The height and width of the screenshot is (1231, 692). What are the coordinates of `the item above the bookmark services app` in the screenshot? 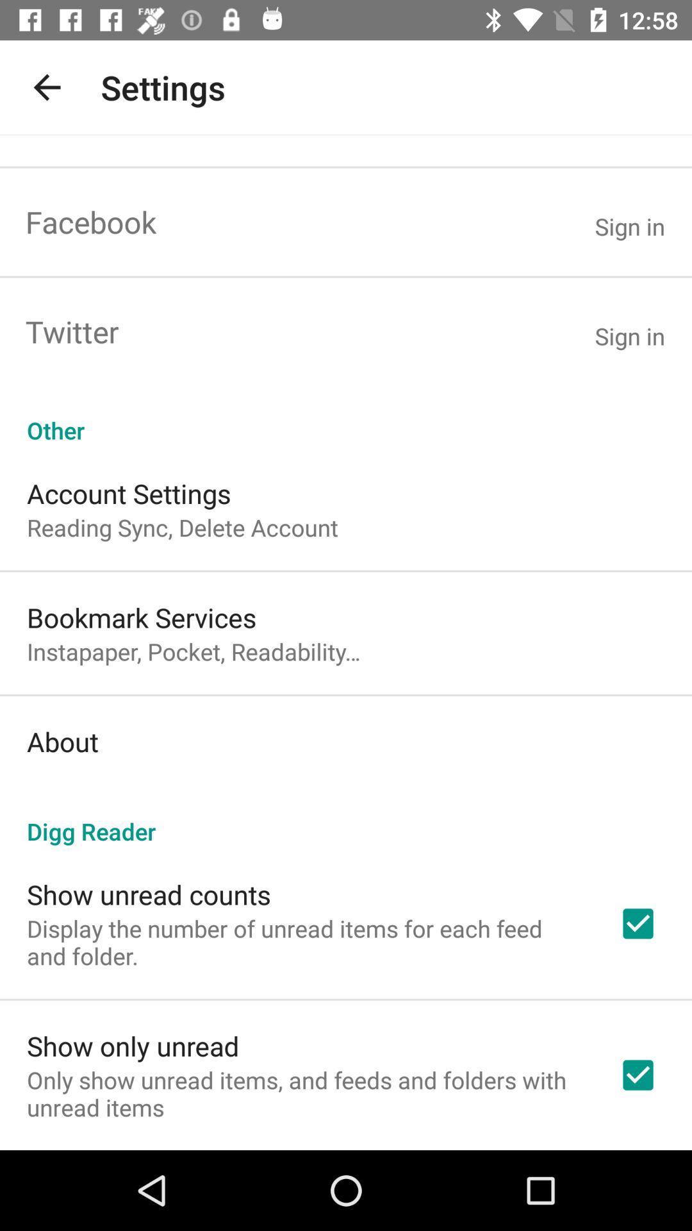 It's located at (183, 527).